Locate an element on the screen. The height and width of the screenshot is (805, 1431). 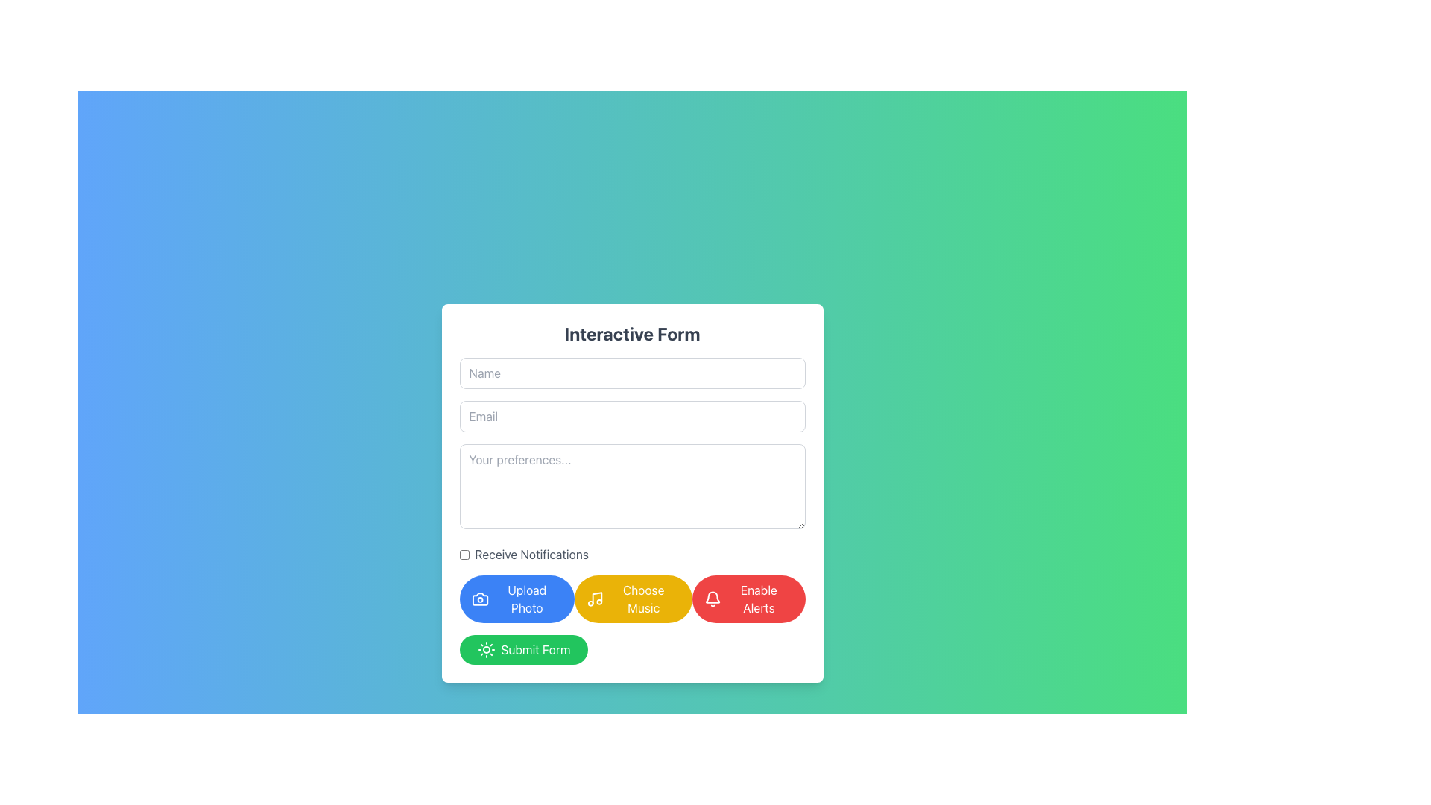
the text label of the button labeled 'Choose Music', which is the third button from the left, located between the blue 'Upload Photo' button and the red 'Enable Alerts' button is located at coordinates (643, 598).